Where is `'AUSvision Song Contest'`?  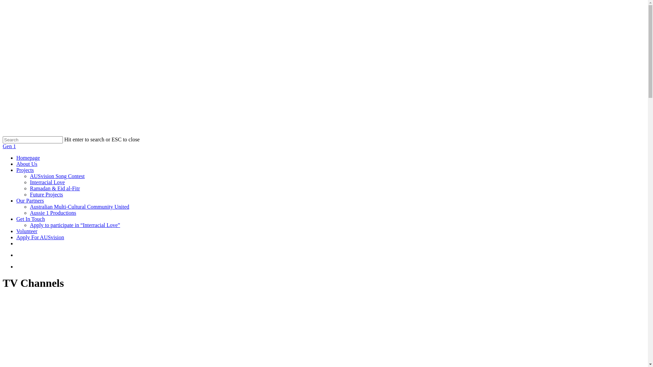
'AUSvision Song Contest' is located at coordinates (57, 176).